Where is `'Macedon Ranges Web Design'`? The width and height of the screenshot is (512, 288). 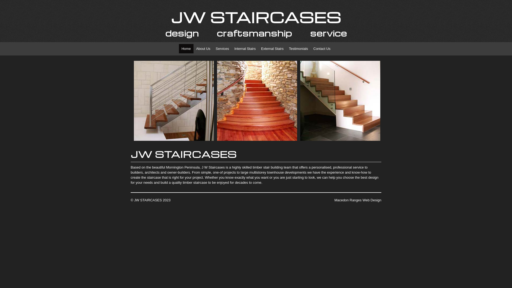
'Macedon Ranges Web Design' is located at coordinates (358, 200).